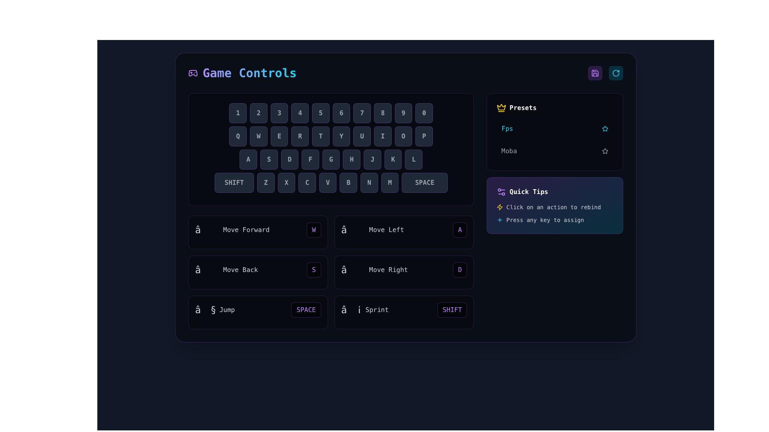  What do you see at coordinates (403, 113) in the screenshot?
I see `the button labeled '9' in the virtual keyboard` at bounding box center [403, 113].